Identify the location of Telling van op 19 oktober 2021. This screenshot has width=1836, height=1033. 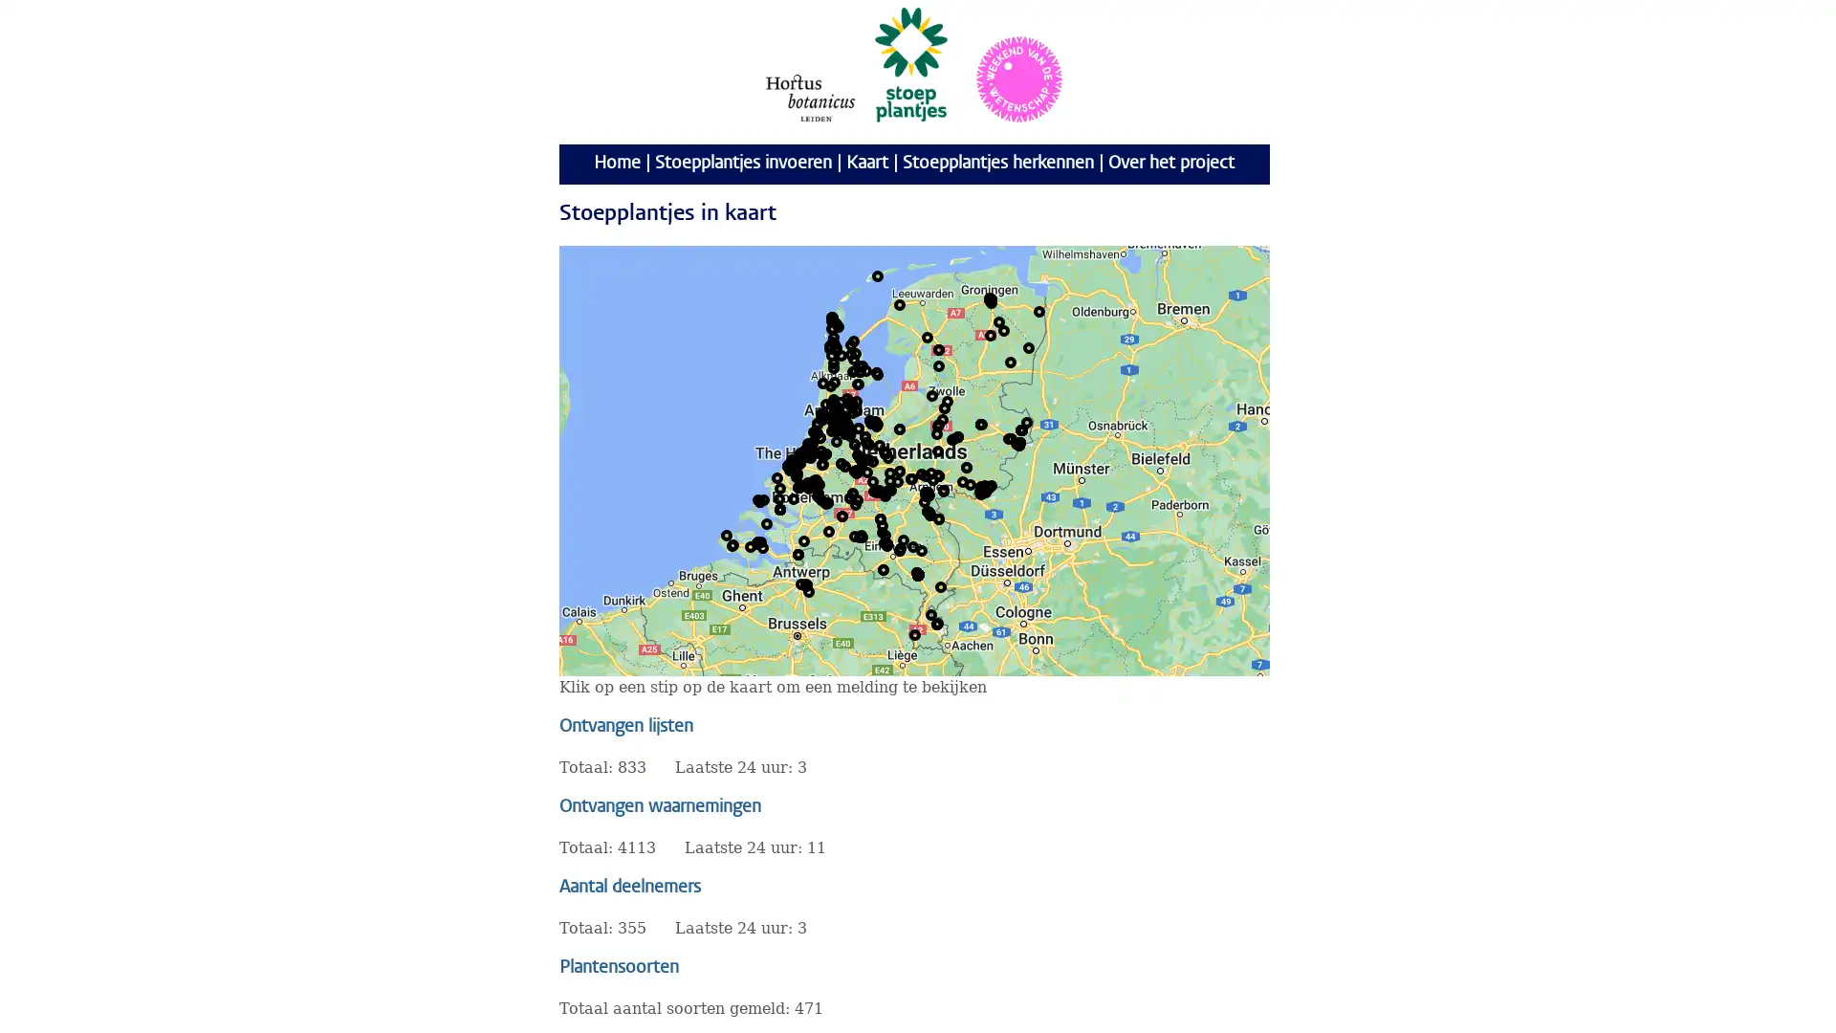
(835, 420).